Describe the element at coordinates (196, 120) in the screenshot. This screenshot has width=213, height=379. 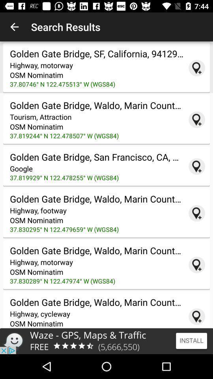
I see `location` at that location.